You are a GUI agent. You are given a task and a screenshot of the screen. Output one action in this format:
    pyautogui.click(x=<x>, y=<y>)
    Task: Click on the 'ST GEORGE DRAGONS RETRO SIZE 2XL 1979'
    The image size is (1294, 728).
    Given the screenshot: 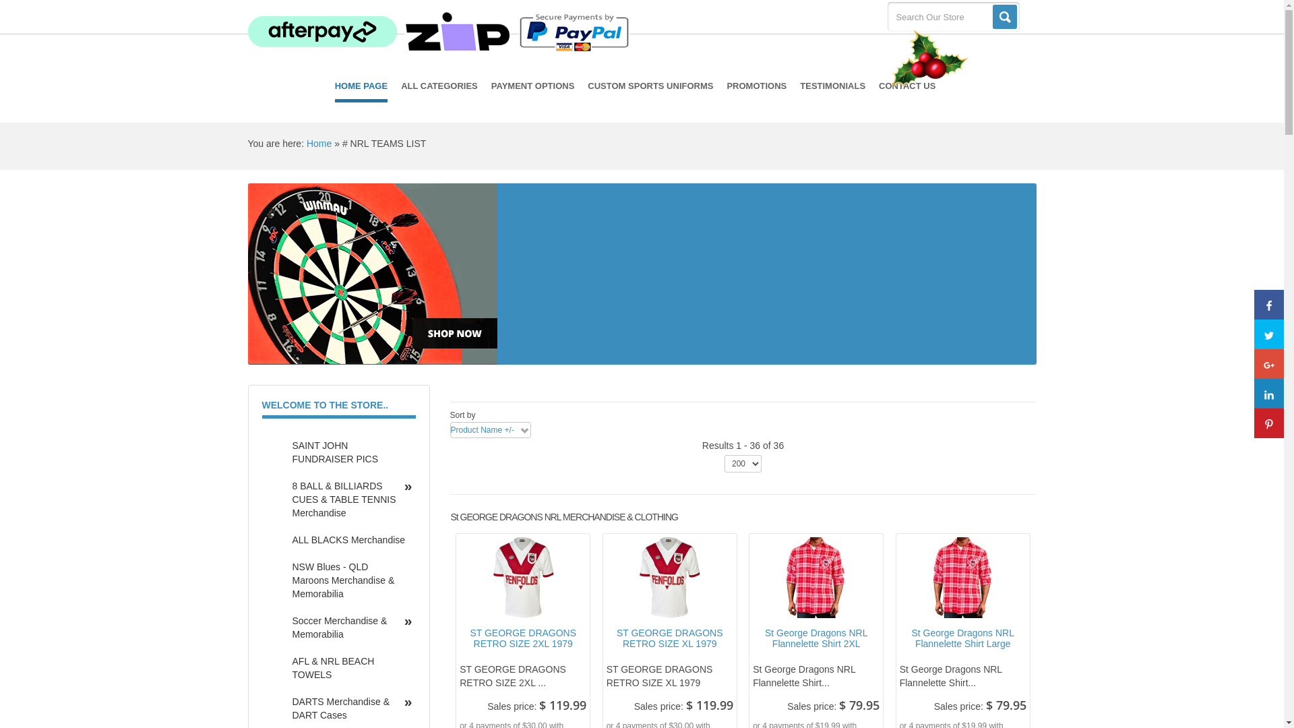 What is the action you would take?
    pyautogui.click(x=522, y=638)
    